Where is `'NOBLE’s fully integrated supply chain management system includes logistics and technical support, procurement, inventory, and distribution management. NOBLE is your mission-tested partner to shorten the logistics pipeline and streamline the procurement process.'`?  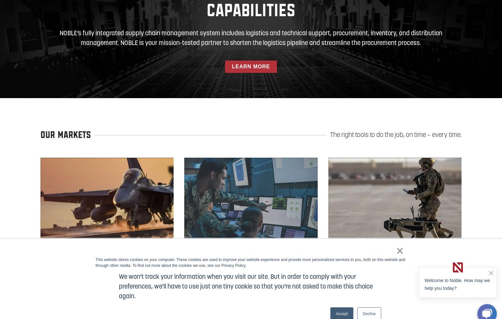 'NOBLE’s fully integrated supply chain management system includes logistics and technical support, procurement, inventory, and distribution management. NOBLE is your mission-tested partner to shorten the logistics pipeline and streamline the procurement process.' is located at coordinates (251, 38).